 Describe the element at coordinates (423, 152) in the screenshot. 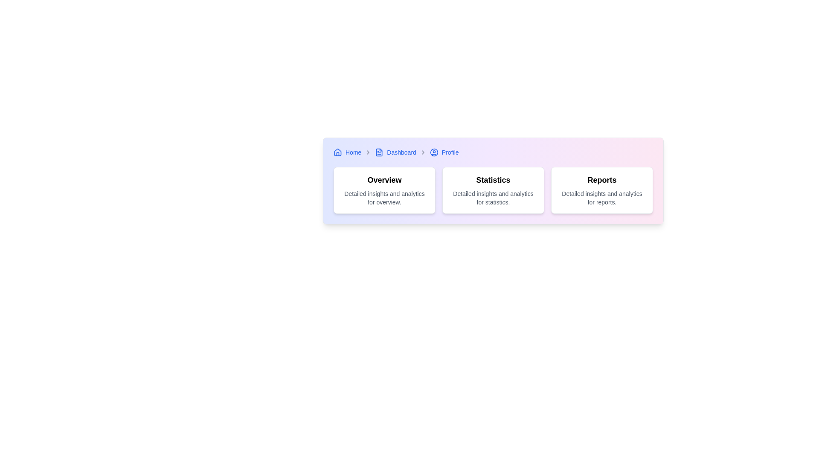

I see `the right-pointing gray chevron icon that separates the 'Dashboard' link and the 'Profile' text in the breadcrumb navigation` at that location.